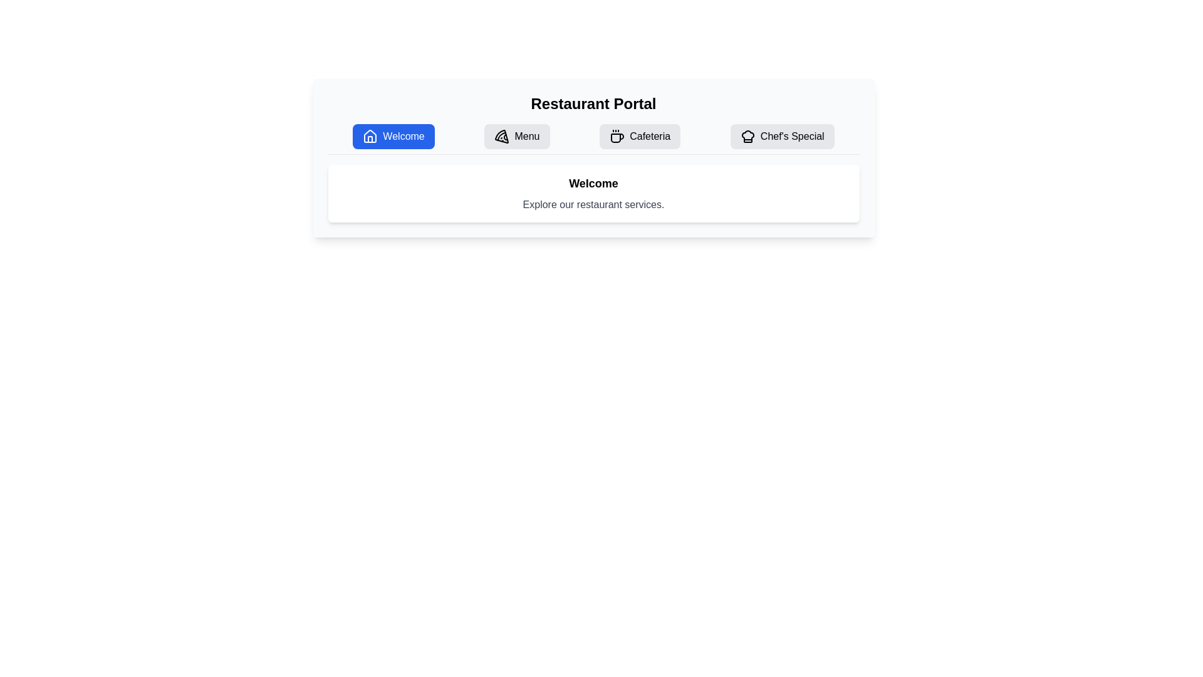 This screenshot has height=677, width=1203. I want to click on the text label that serves as a title for the second interactive option in the horizontally aligned menu bar, located between 'Welcome' on the left and 'Cafeteria' on the right, so click(527, 137).